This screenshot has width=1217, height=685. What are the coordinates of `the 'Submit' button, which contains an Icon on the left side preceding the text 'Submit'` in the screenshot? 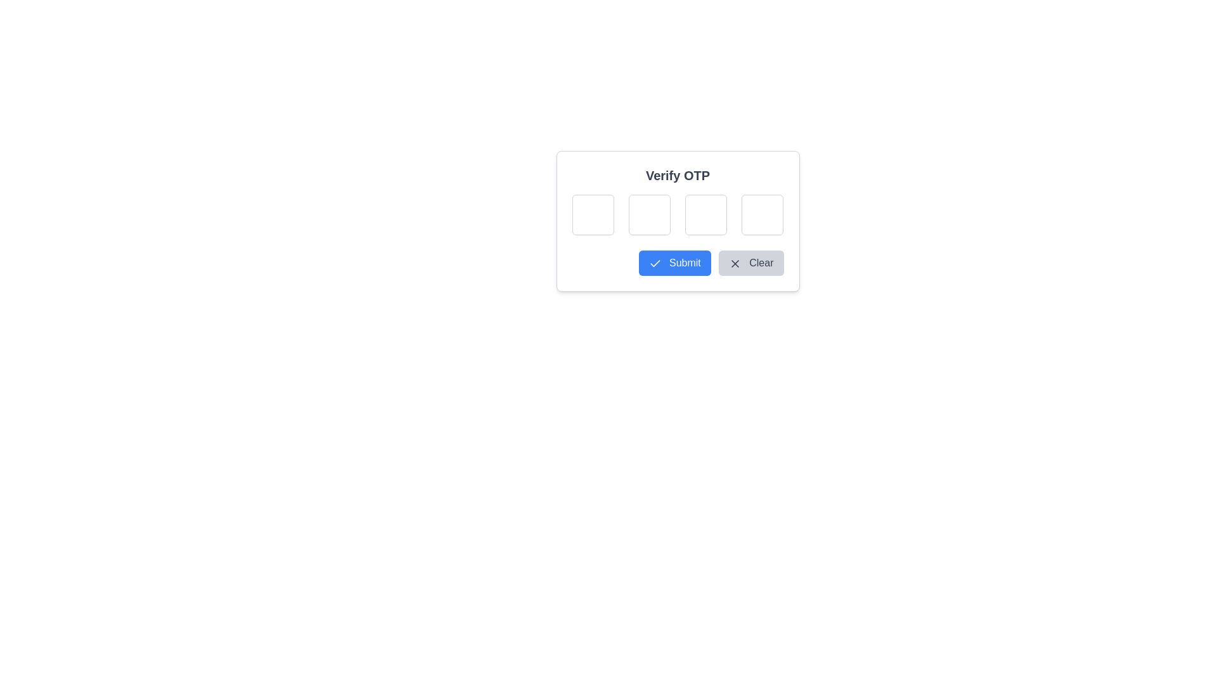 It's located at (655, 263).